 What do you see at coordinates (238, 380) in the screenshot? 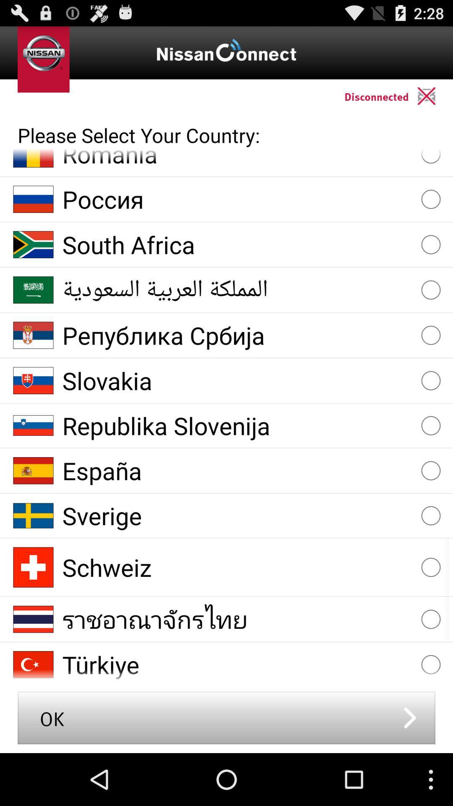
I see `slovakia icon` at bounding box center [238, 380].